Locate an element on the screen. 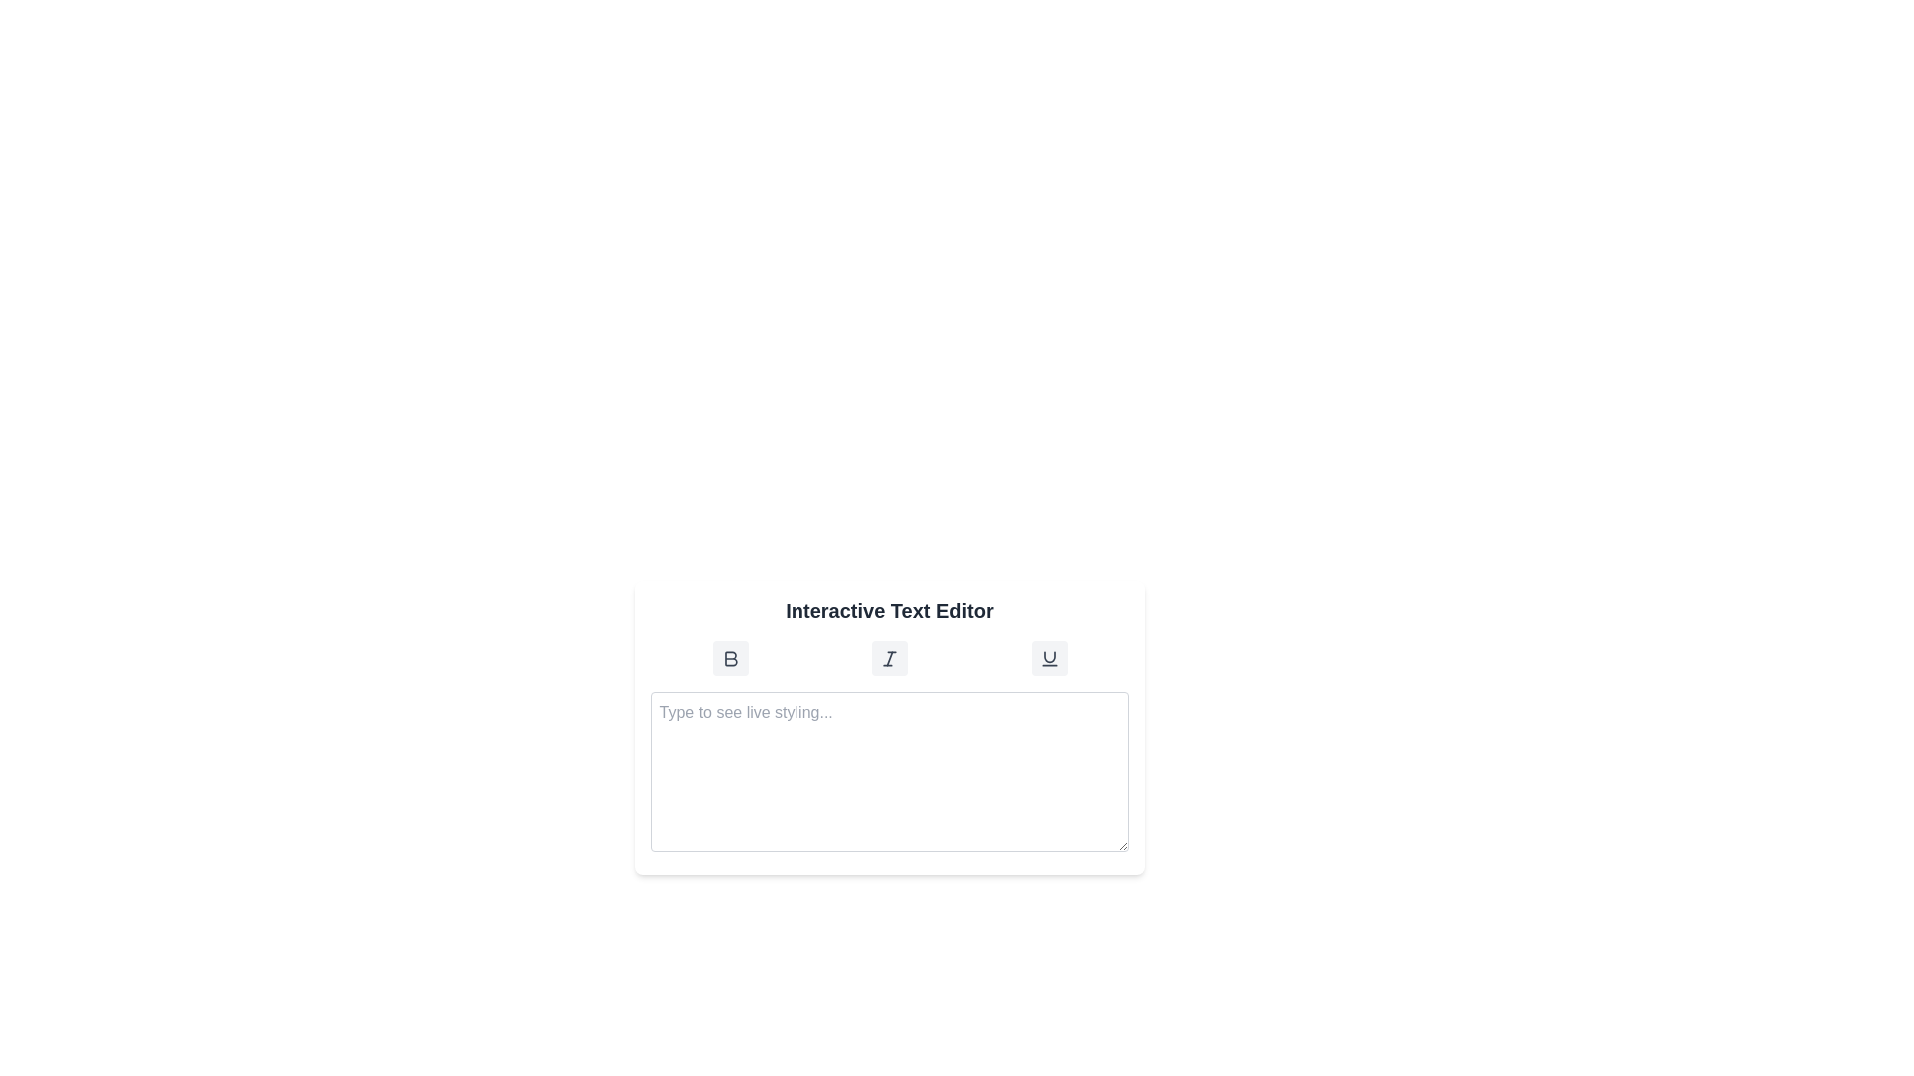 Image resolution: width=1914 pixels, height=1076 pixels. the italic toggle button in the text editor is located at coordinates (888, 658).